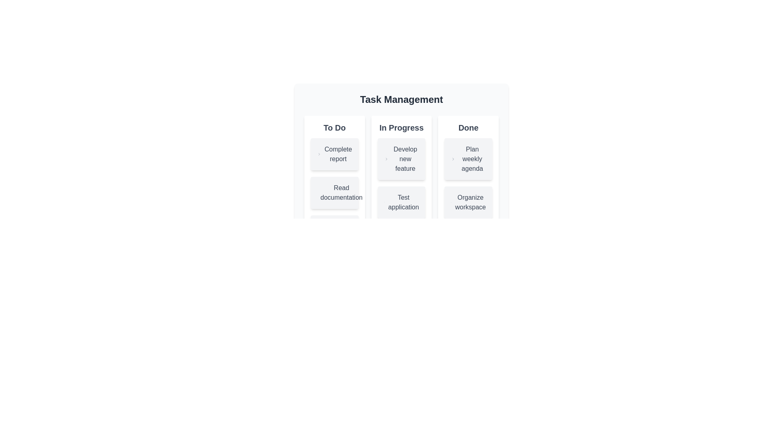  I want to click on the 'Complete report' text item, which is the first item in the 'To Do' column with a light gray background, so click(335, 154).